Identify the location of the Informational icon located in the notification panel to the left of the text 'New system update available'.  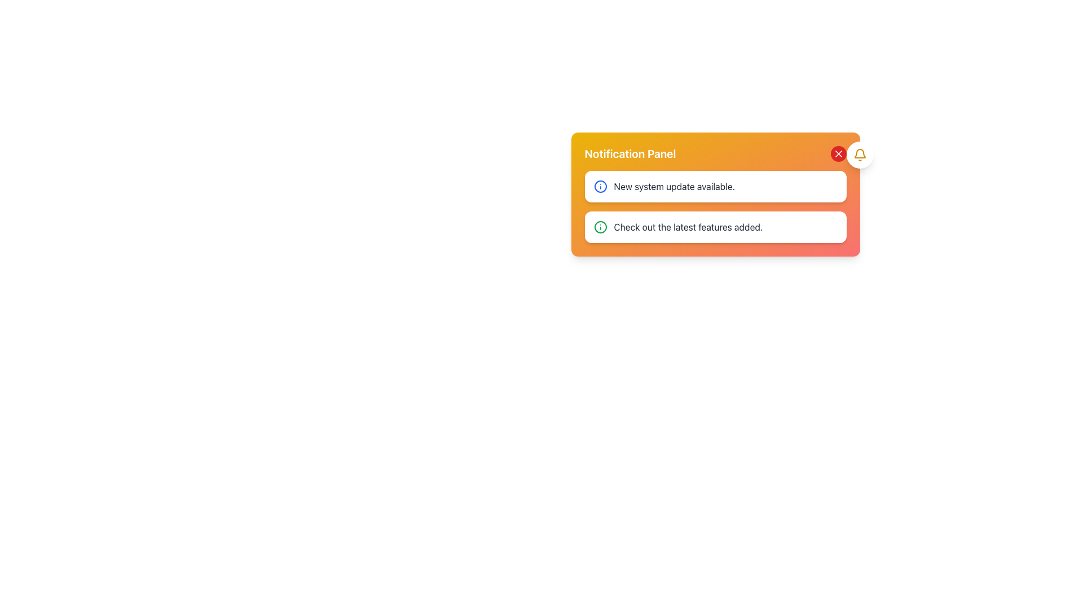
(600, 186).